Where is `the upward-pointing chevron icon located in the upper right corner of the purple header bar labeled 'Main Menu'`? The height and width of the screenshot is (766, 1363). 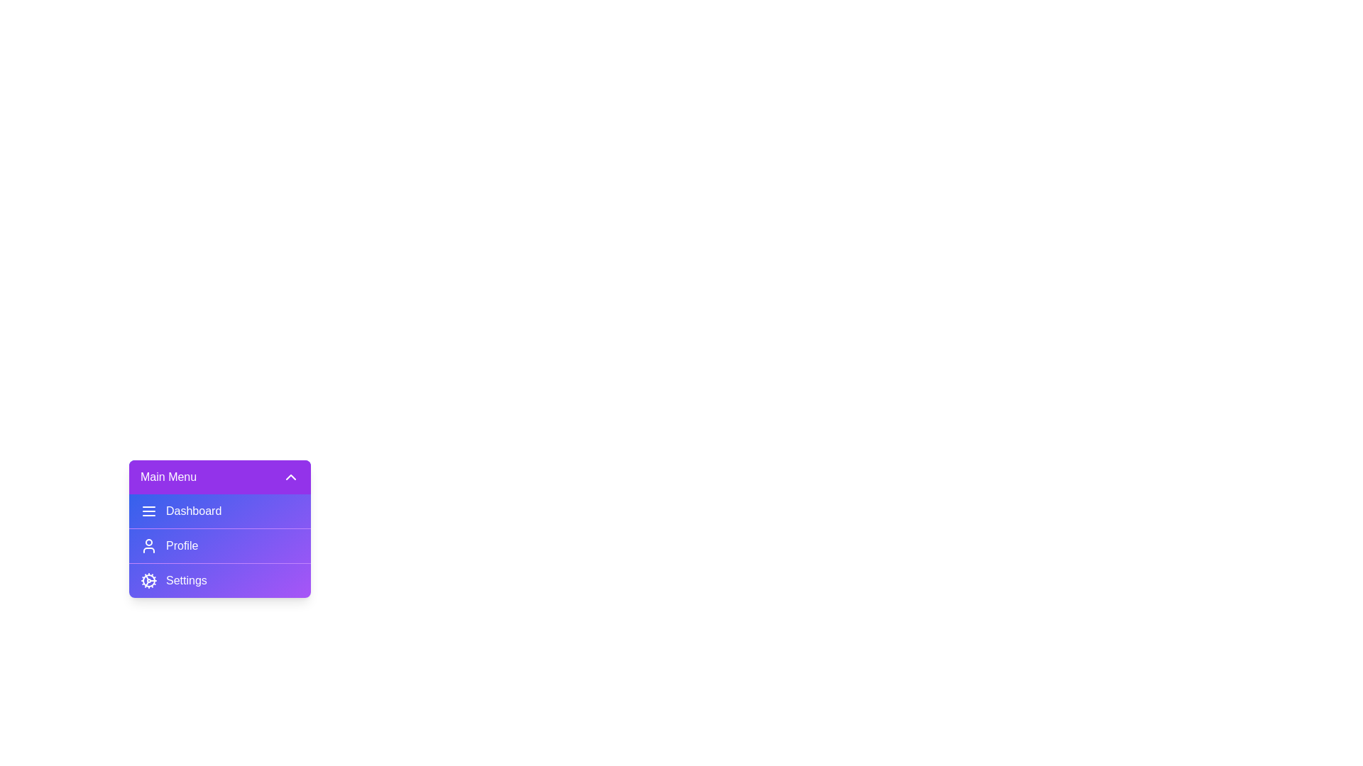 the upward-pointing chevron icon located in the upper right corner of the purple header bar labeled 'Main Menu' is located at coordinates (290, 477).